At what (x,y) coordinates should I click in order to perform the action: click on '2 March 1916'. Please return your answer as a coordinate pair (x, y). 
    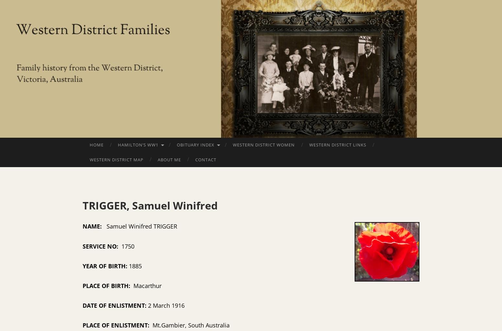
    Looking at the image, I should click on (166, 305).